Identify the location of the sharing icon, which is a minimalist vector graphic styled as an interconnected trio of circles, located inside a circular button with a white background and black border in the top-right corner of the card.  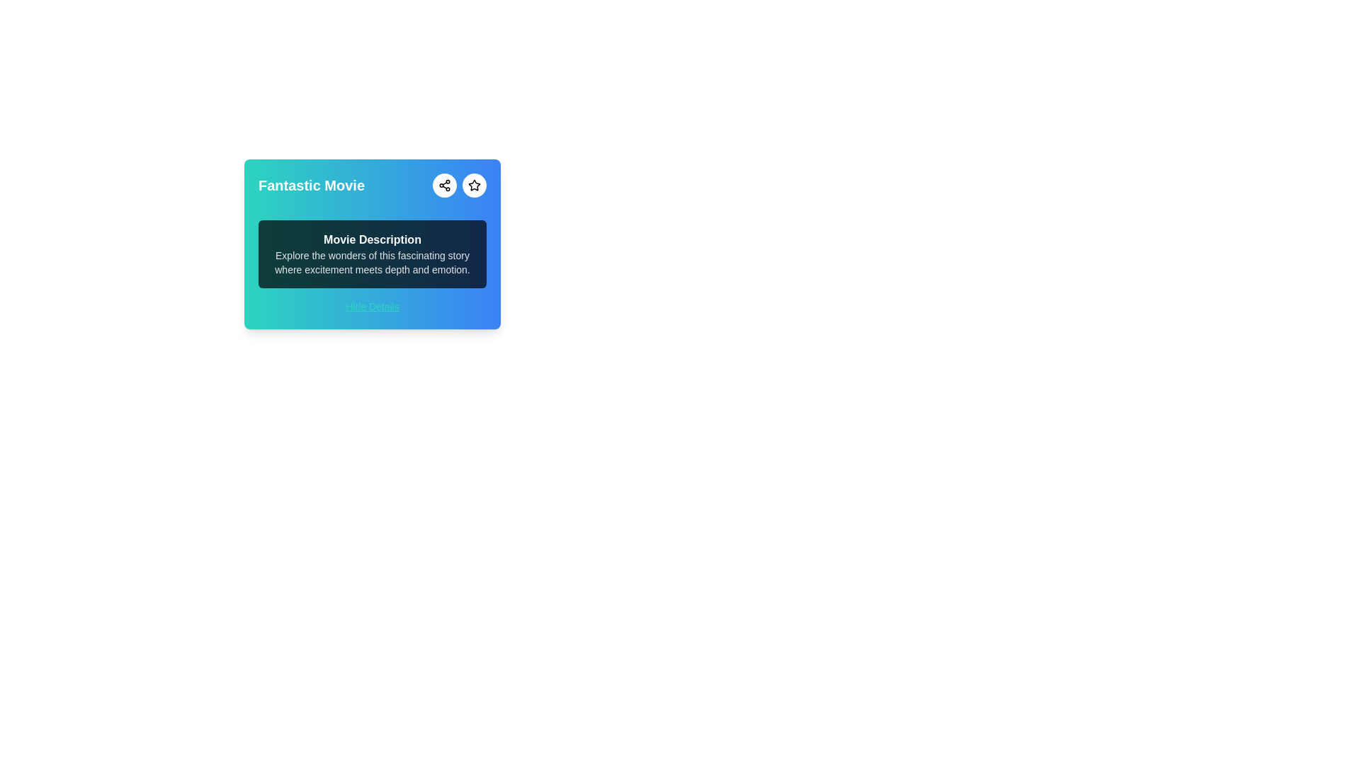
(444, 185).